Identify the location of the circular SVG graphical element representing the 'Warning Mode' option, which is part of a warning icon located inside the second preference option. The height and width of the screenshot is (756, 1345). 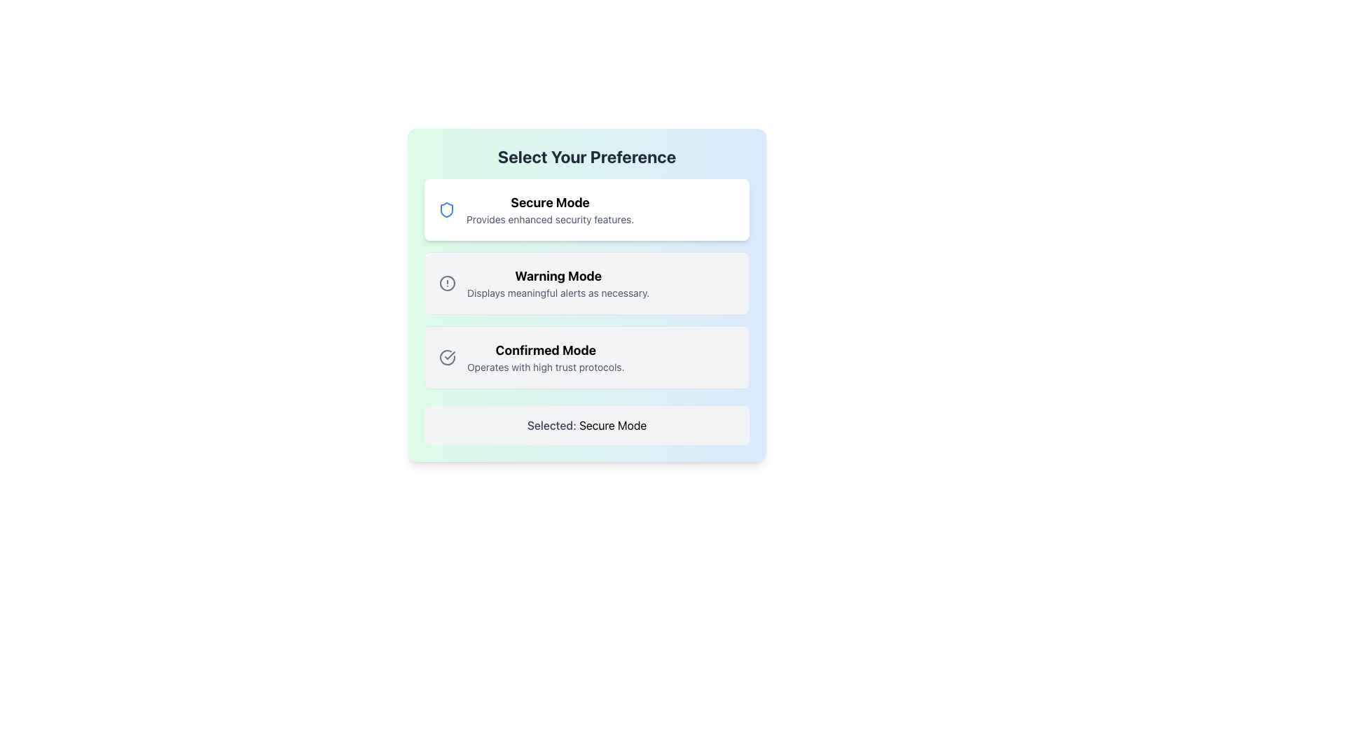
(446, 283).